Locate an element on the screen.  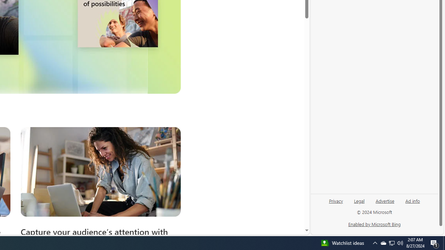
'Ad info' is located at coordinates (412, 203).